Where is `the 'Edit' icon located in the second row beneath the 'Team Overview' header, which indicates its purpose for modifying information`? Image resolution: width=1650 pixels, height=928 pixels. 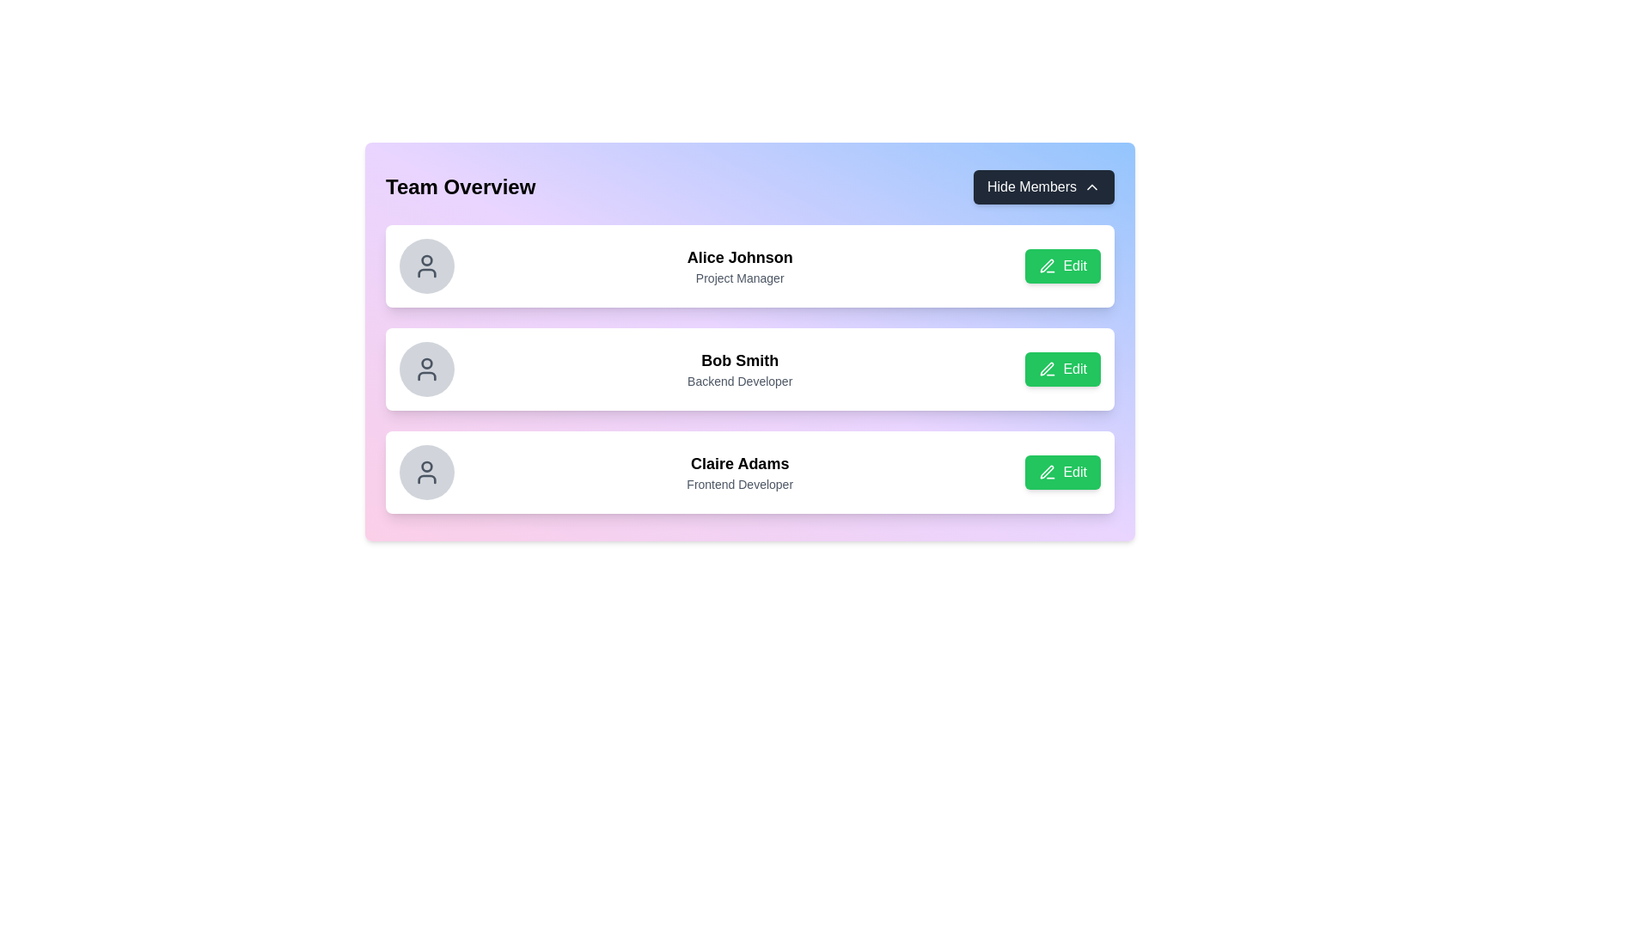 the 'Edit' icon located in the second row beneath the 'Team Overview' header, which indicates its purpose for modifying information is located at coordinates (1047, 368).